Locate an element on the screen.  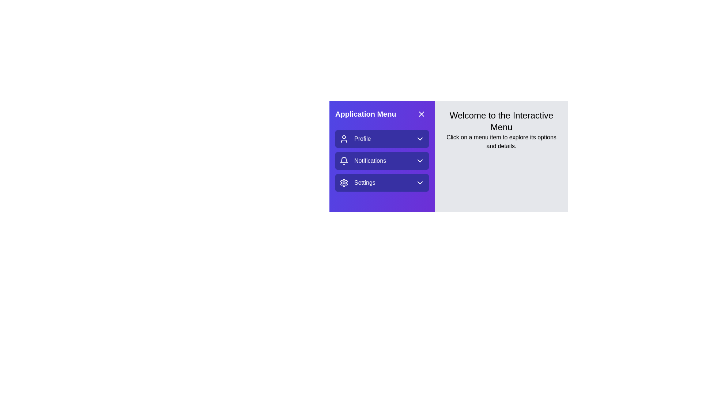
the 'Profile' text label within the navigation menu for interaction is located at coordinates (362, 139).